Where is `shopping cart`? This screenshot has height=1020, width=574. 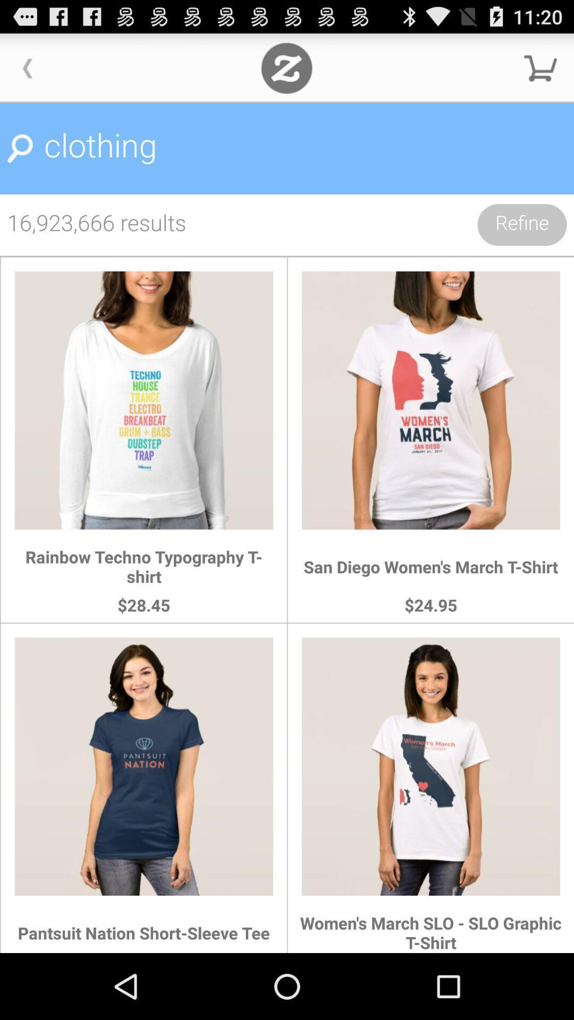
shopping cart is located at coordinates (541, 67).